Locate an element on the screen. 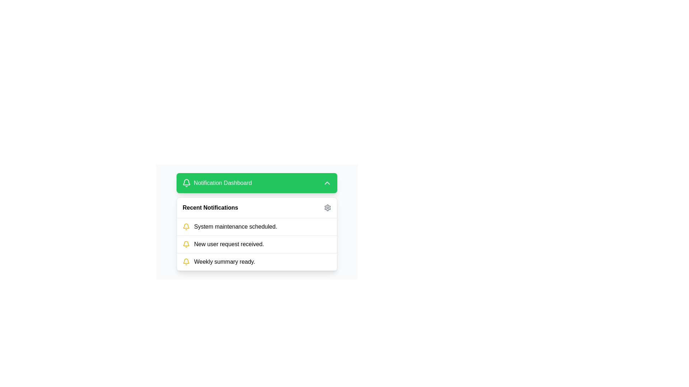 This screenshot has width=689, height=387. the notification icon located to the left of the text 'Weekly summary ready' is located at coordinates (186, 262).